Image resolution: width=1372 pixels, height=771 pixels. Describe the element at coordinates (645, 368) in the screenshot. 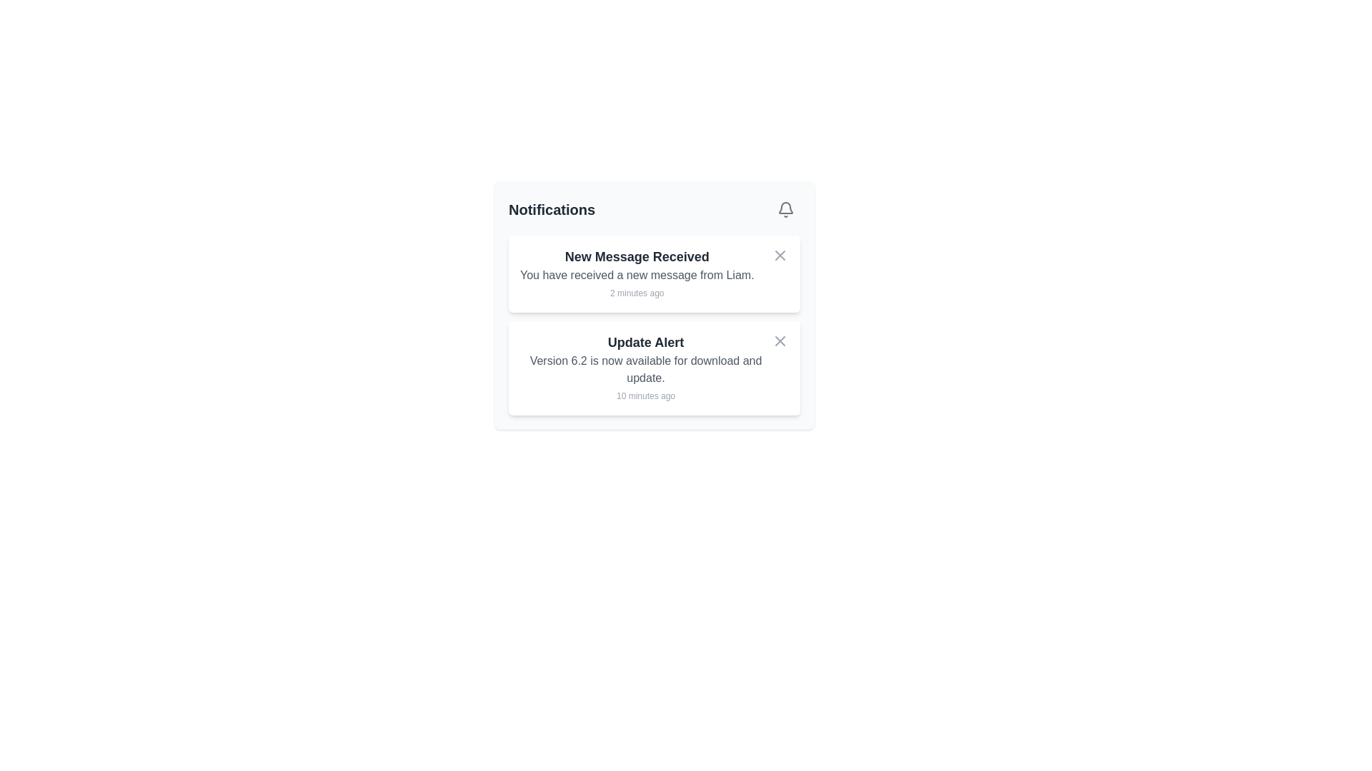

I see `the informational text about the new update, which is located between the 'Update Alert' title and the '10 minutes ago' timestamp in the second notification block` at that location.